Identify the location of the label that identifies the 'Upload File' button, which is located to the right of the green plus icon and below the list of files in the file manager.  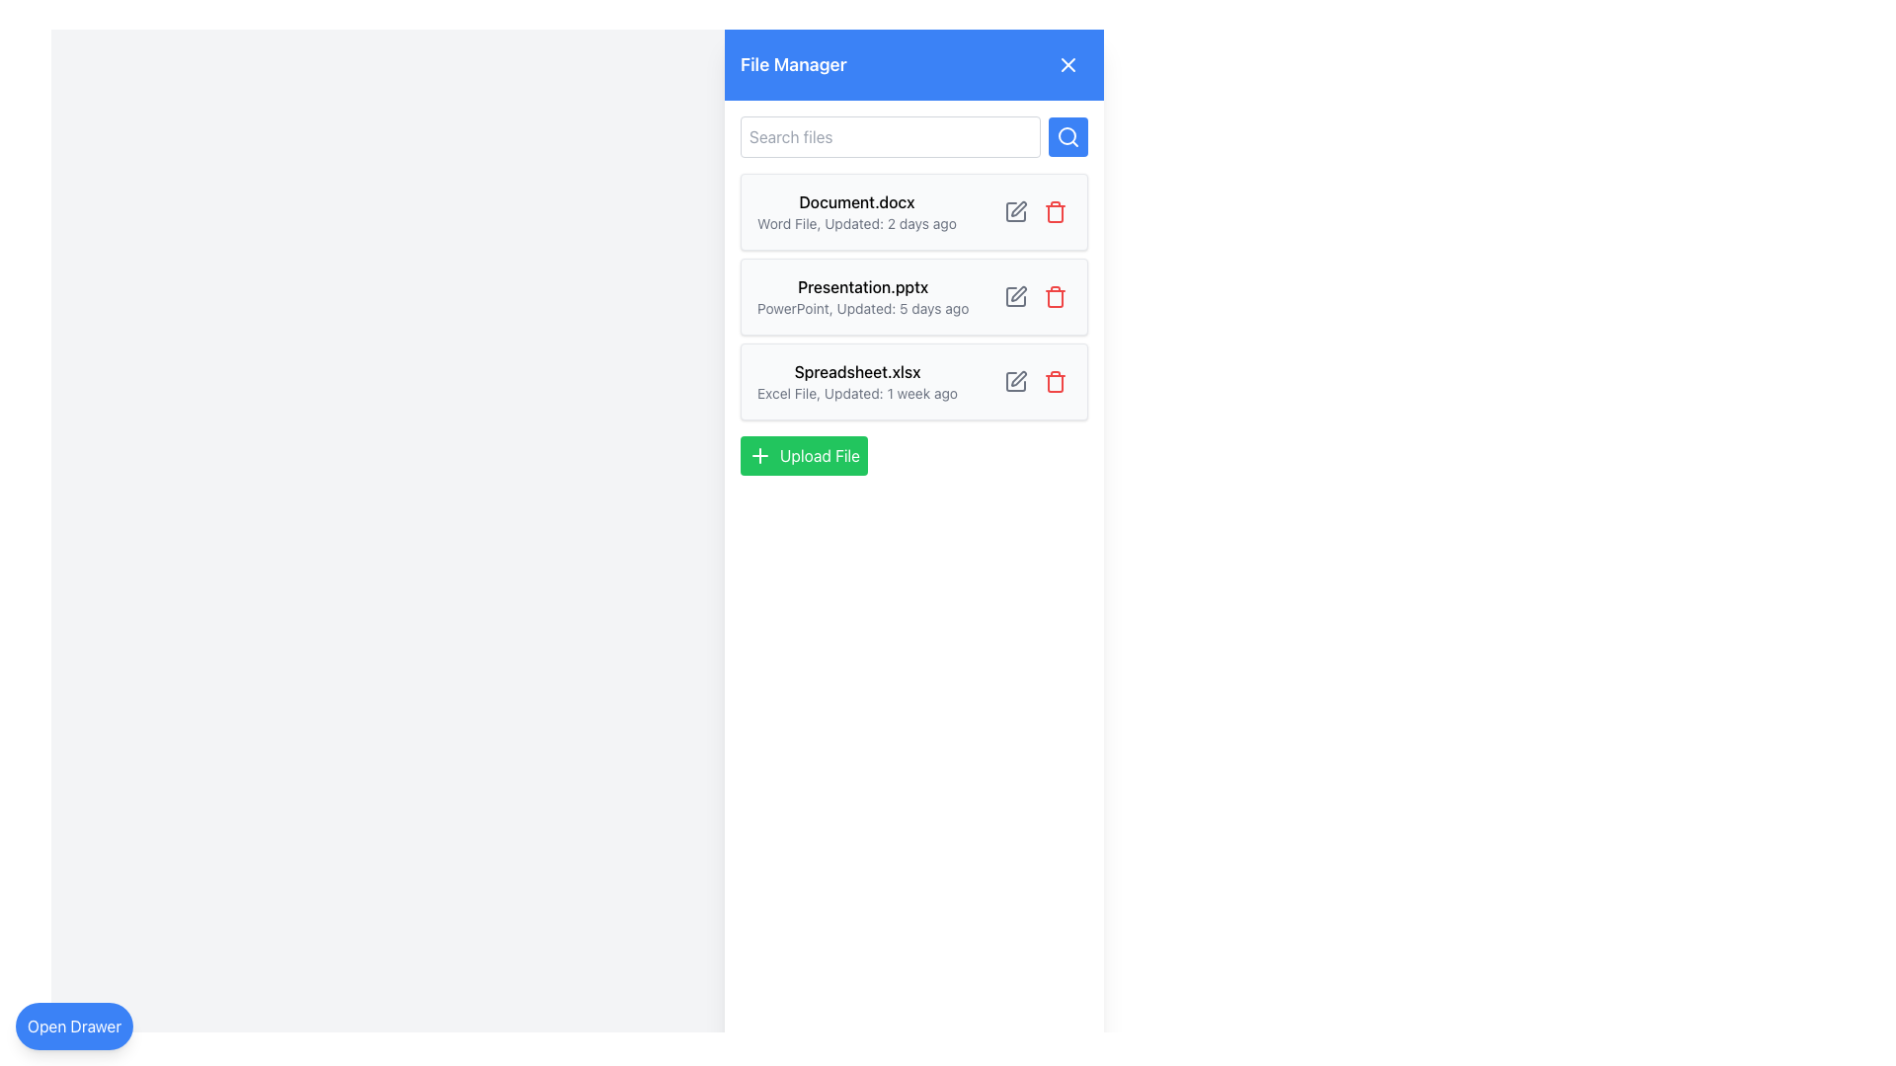
(820, 456).